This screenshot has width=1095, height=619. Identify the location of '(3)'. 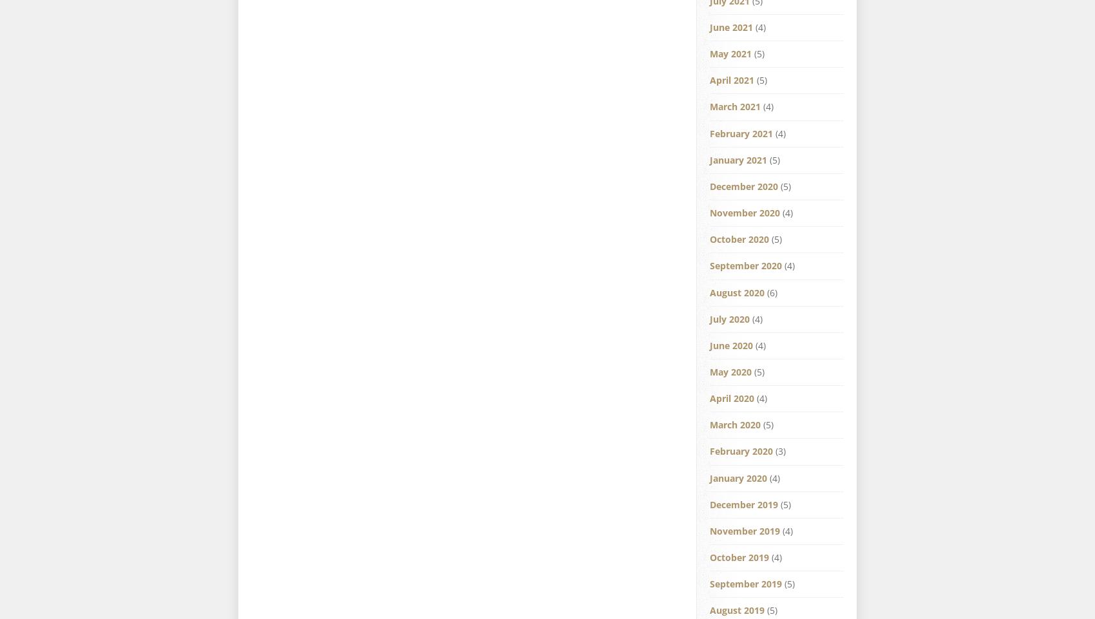
(772, 451).